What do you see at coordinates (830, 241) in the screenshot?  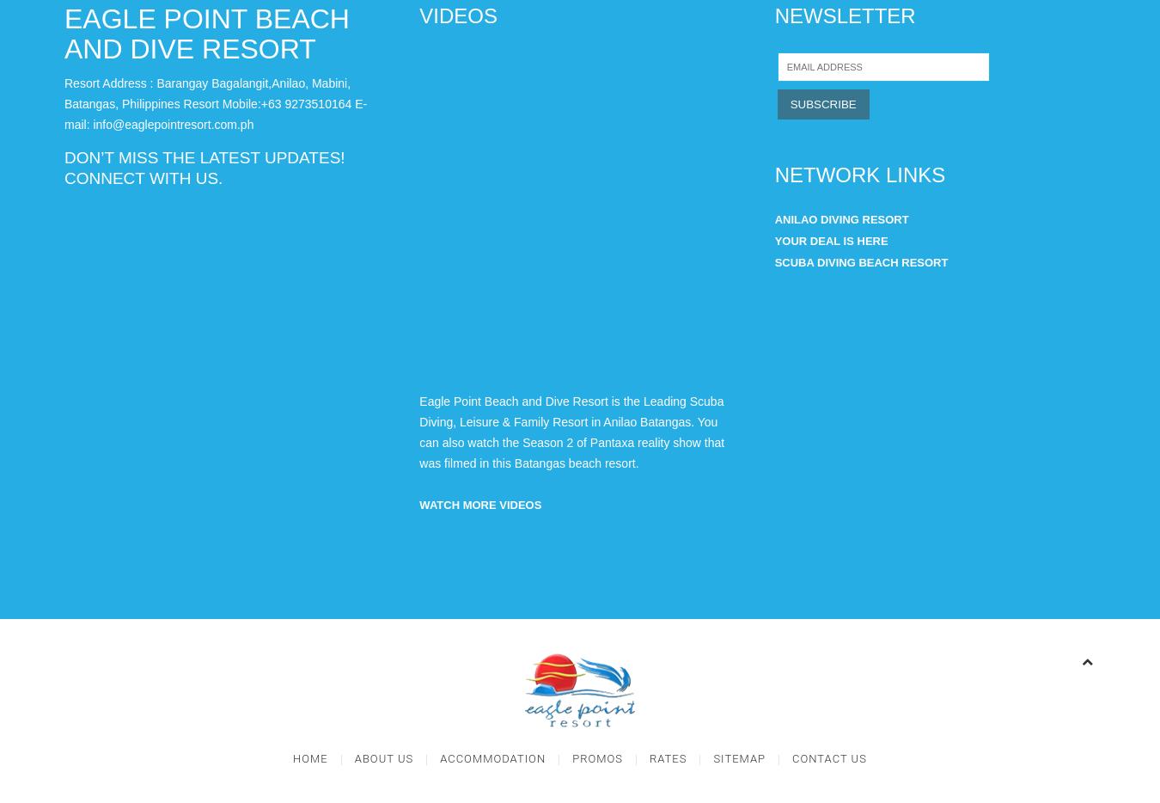 I see `'Your Deal is Here'` at bounding box center [830, 241].